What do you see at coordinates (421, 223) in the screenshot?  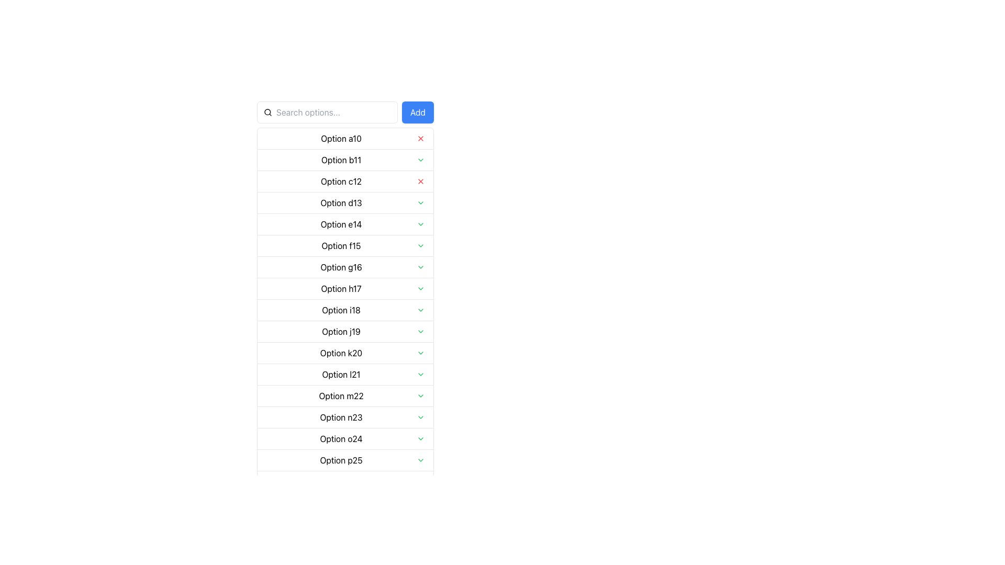 I see `the green downward chevron icon located to the right of 'Option e14'` at bounding box center [421, 223].